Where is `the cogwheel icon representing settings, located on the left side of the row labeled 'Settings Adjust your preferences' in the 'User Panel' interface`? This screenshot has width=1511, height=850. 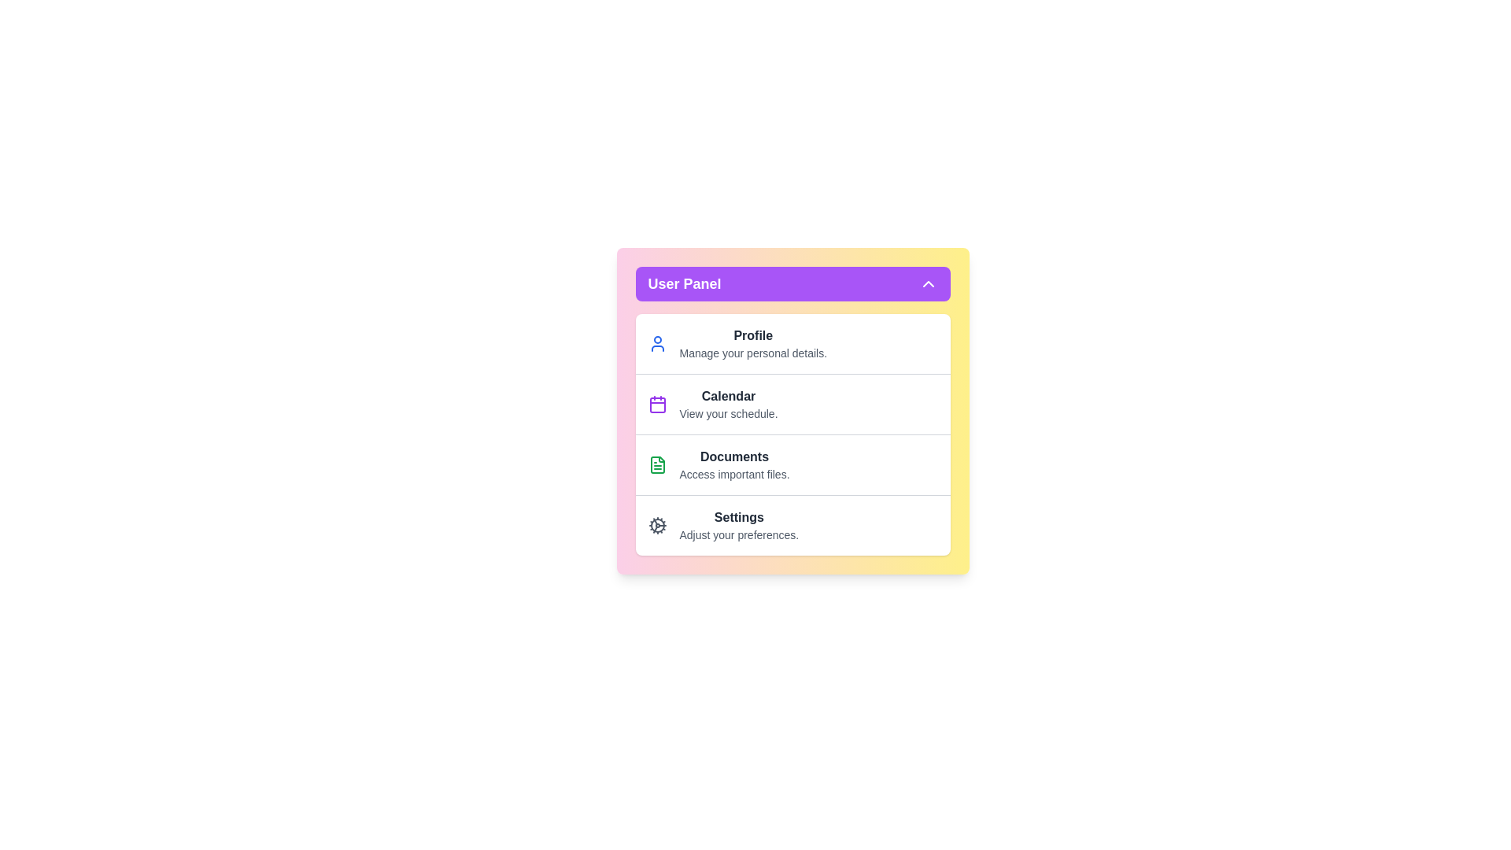 the cogwheel icon representing settings, located on the left side of the row labeled 'Settings Adjust your preferences' in the 'User Panel' interface is located at coordinates (657, 525).